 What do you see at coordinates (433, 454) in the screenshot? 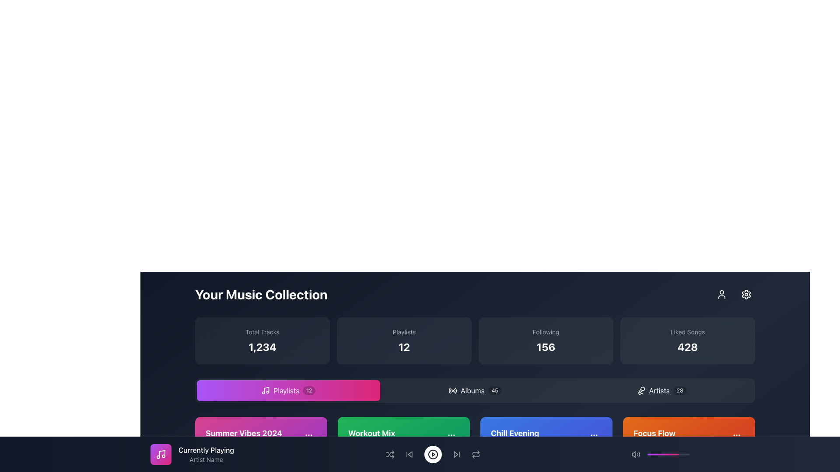
I see `the circular play button with a white background and dark gray outlines located at the center of the bottom navigation bar` at bounding box center [433, 454].